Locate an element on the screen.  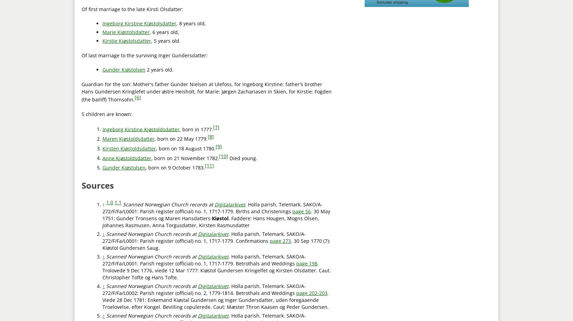
'Anne Kjøstoldsdatter' is located at coordinates (127, 158).